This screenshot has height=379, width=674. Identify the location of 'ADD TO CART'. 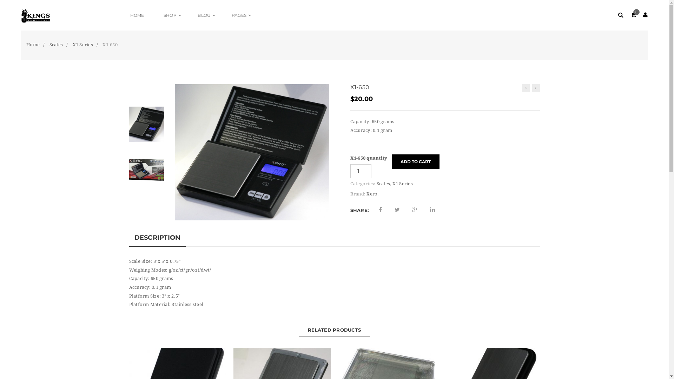
(416, 162).